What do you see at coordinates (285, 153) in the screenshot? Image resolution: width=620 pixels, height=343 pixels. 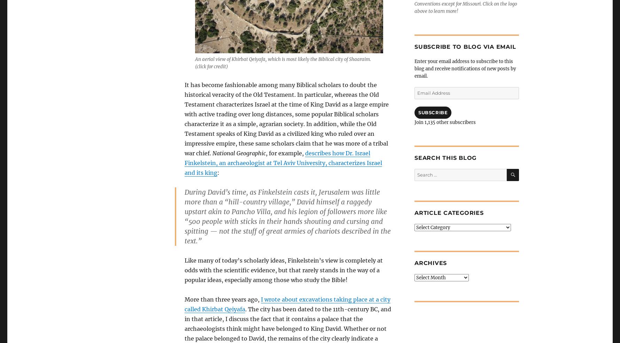 I see `', for example,'` at bounding box center [285, 153].